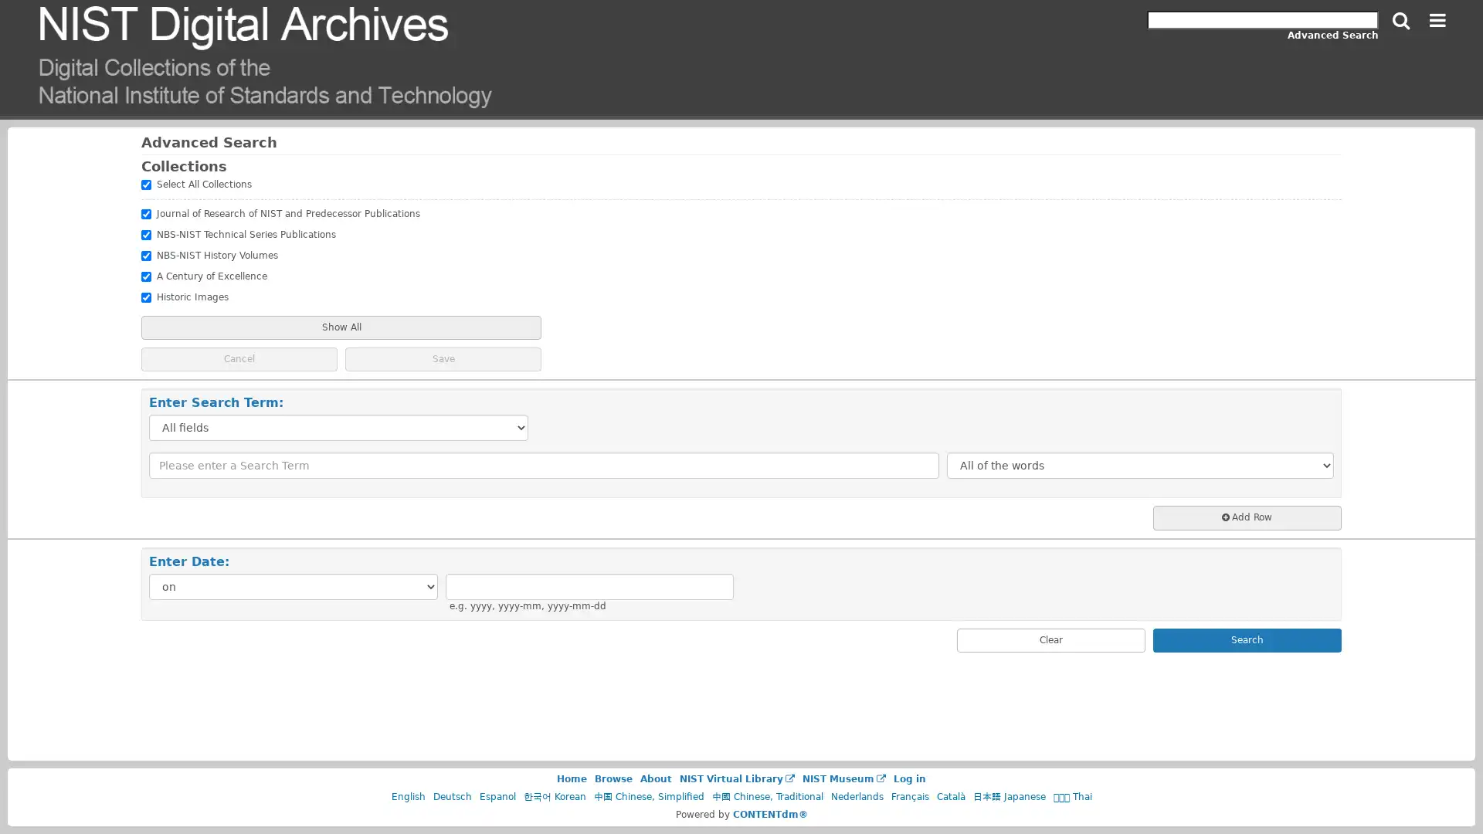 The image size is (1483, 834). I want to click on English, so click(408, 797).